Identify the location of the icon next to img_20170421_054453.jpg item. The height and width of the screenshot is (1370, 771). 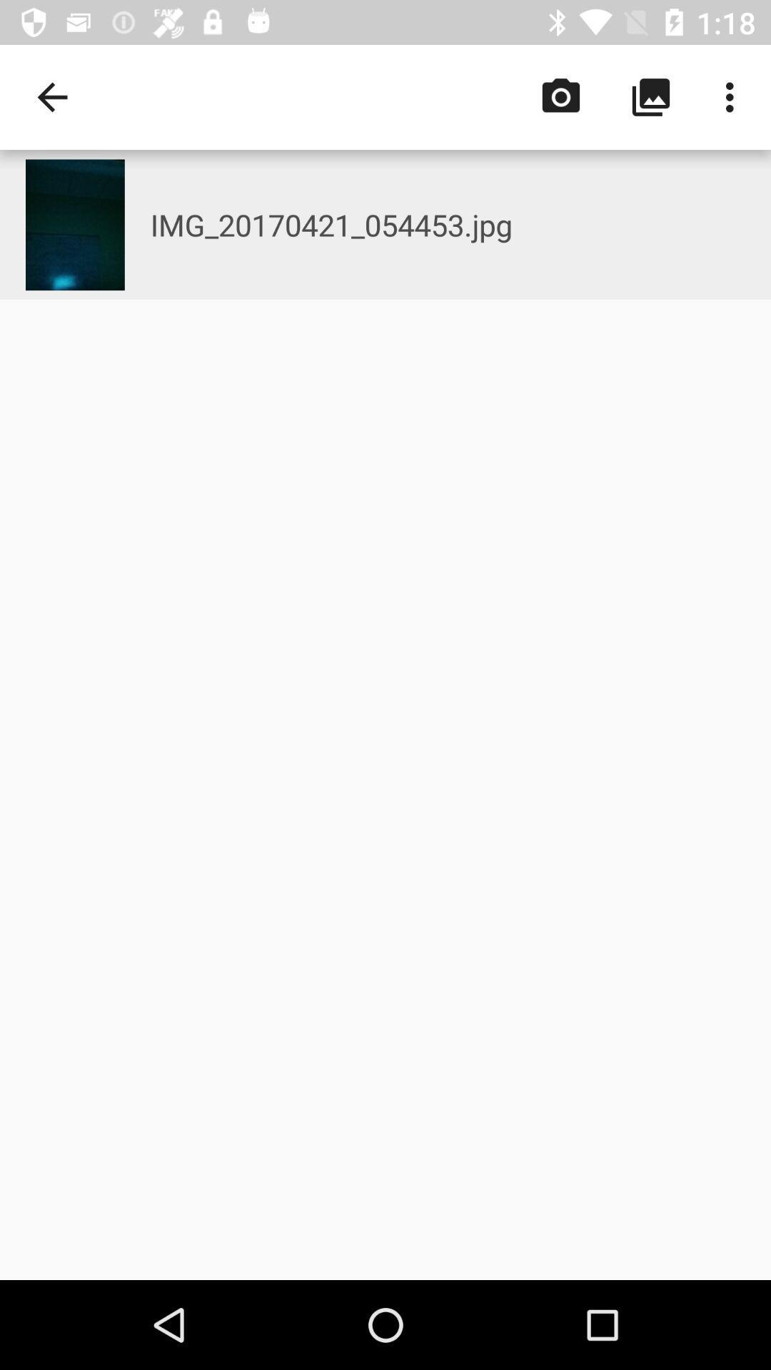
(75, 224).